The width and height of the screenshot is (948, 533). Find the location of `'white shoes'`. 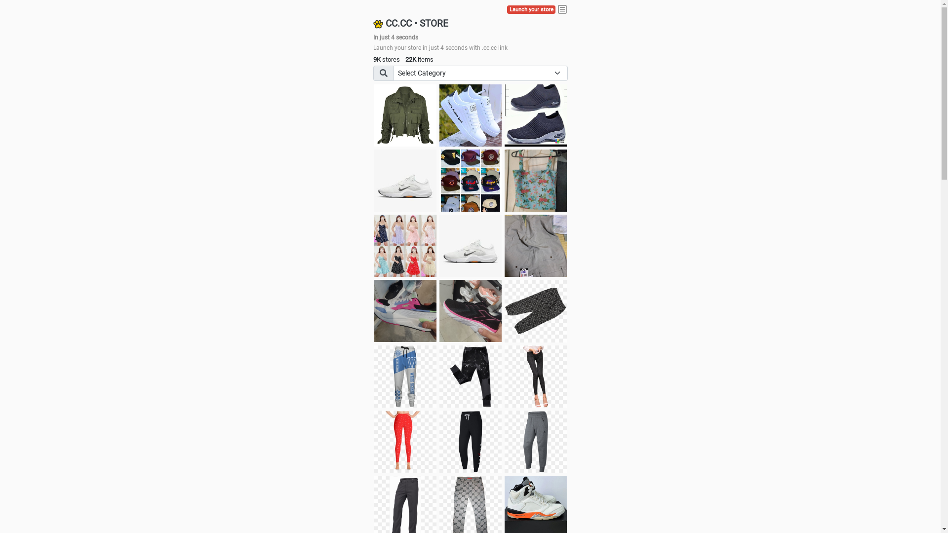

'white shoes' is located at coordinates (438, 115).